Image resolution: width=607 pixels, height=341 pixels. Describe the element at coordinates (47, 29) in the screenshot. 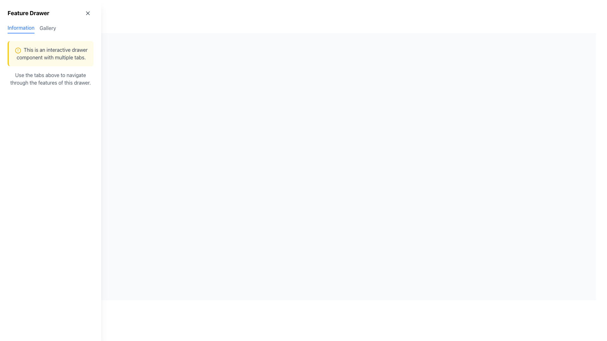

I see `the 'Gallery' tab, which is a gray text label with medium font weight, positioned next to the 'Information' tab` at that location.